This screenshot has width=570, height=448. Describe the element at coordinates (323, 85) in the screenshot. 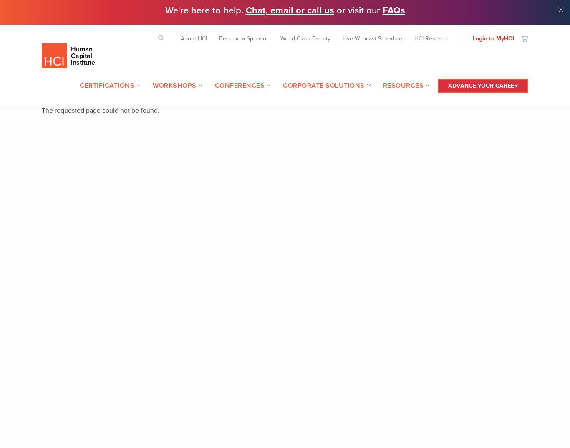

I see `'Corporate Solutions'` at that location.